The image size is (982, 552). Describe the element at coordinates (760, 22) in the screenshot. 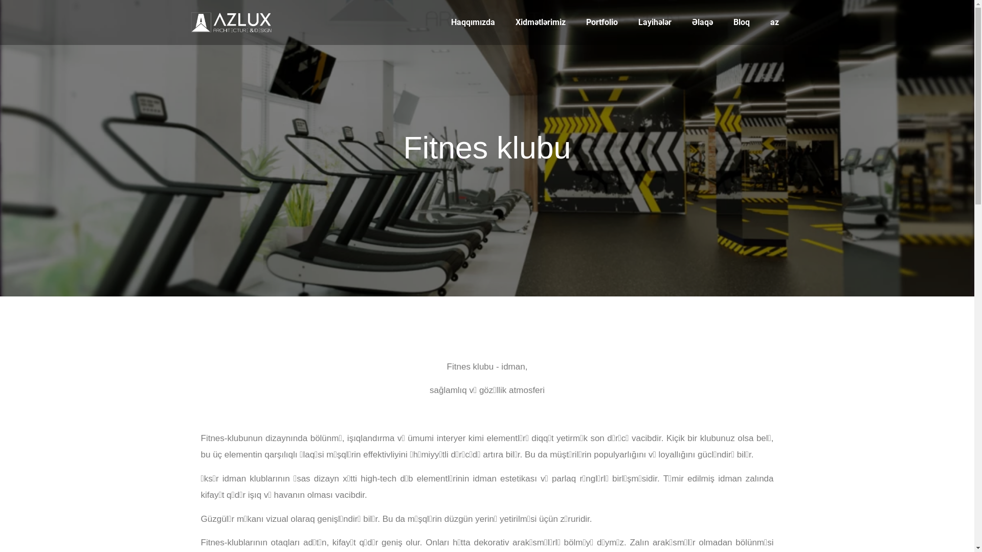

I see `'az'` at that location.